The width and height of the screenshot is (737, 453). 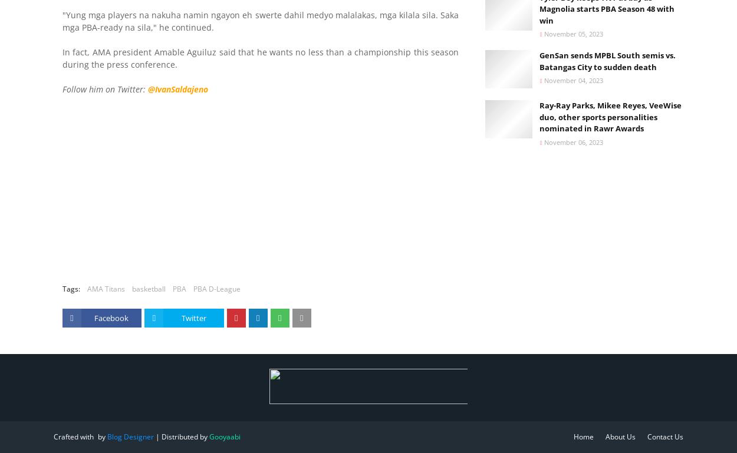 I want to click on '"', so click(x=64, y=14).